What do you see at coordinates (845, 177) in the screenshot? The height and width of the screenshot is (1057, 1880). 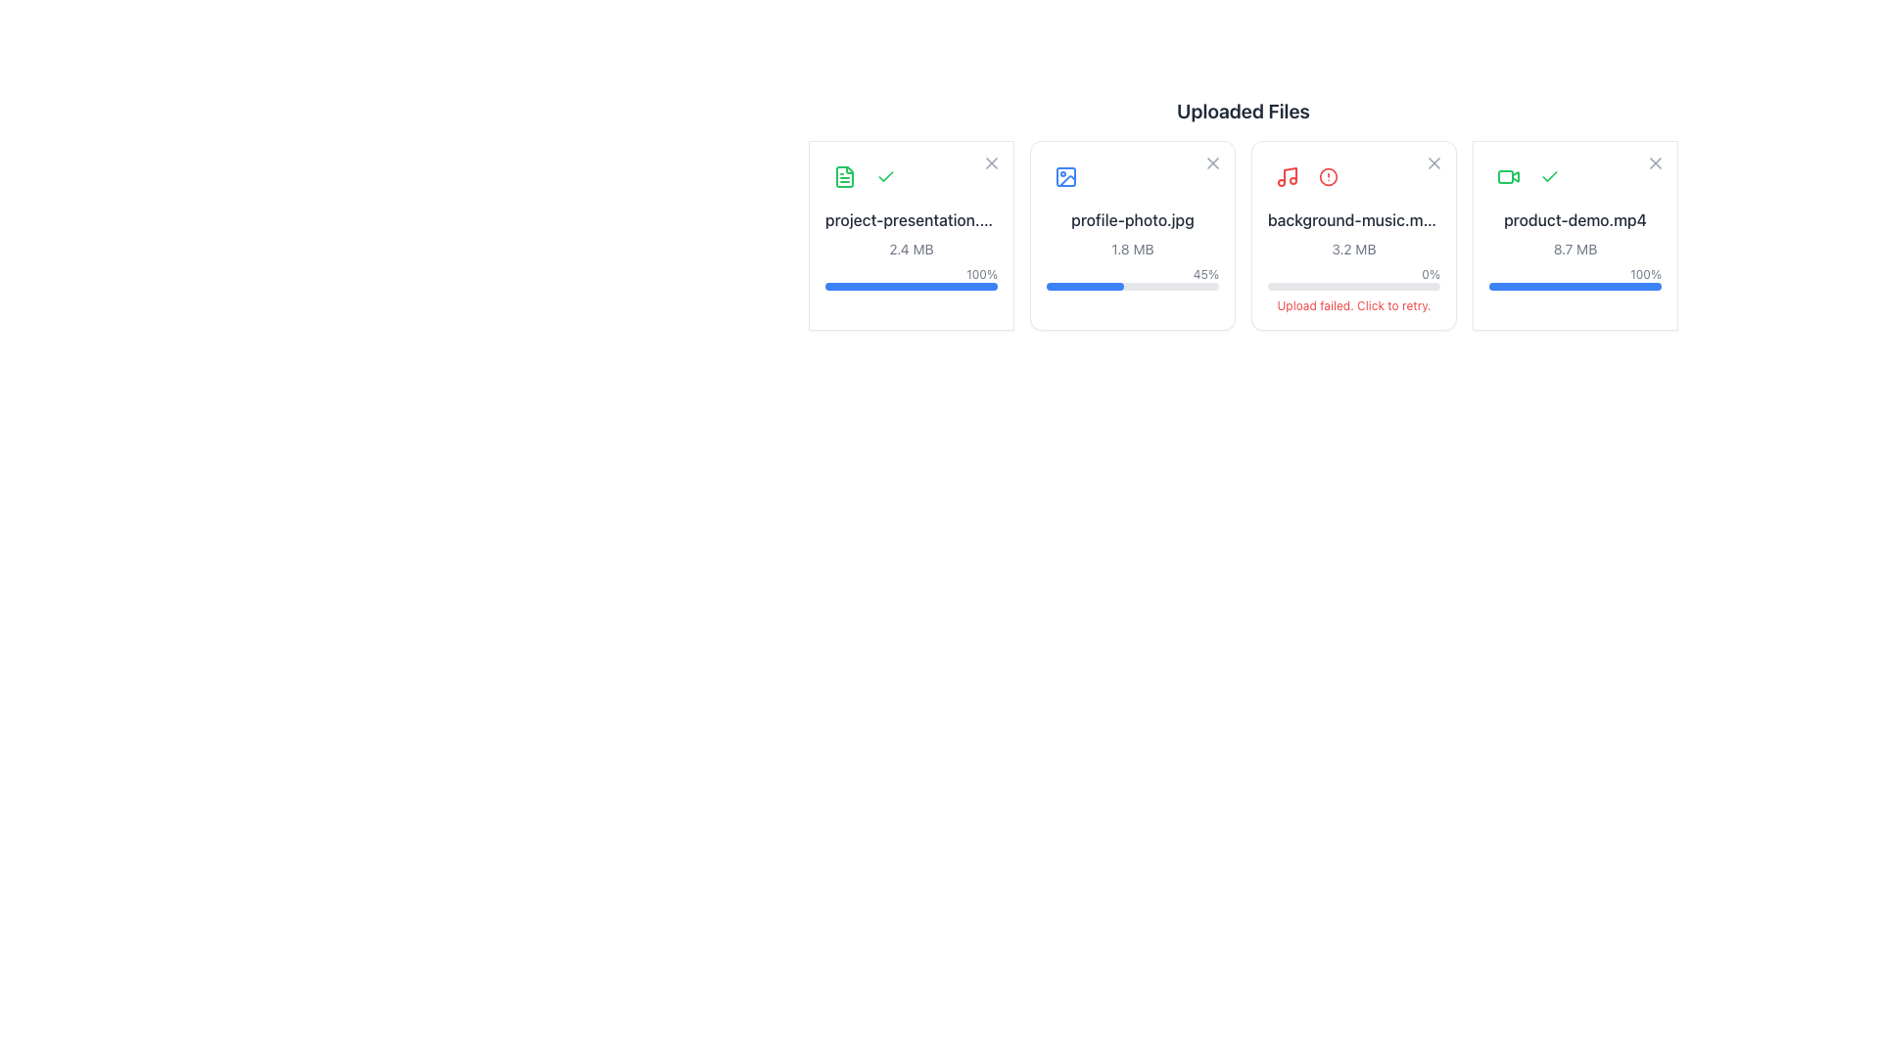 I see `the file icon located in the top-left of the 'Uploaded Files' section next to the file name 'project-presentation'` at bounding box center [845, 177].